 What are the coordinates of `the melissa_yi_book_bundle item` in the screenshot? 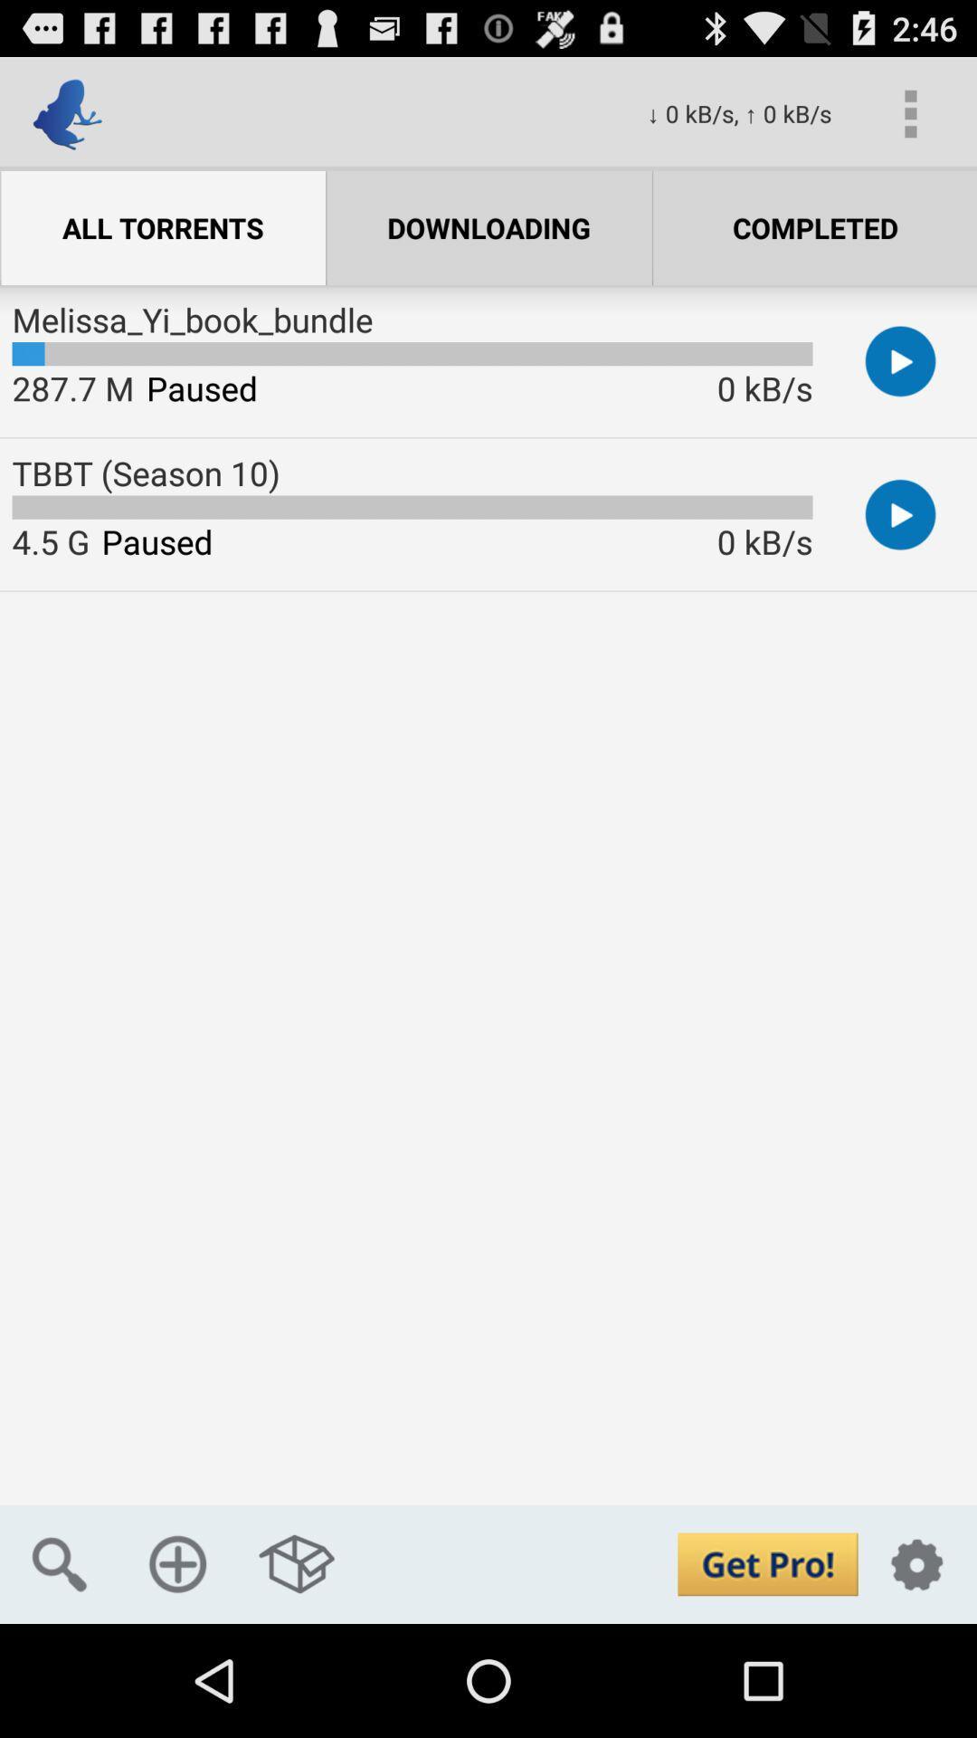 It's located at (192, 320).